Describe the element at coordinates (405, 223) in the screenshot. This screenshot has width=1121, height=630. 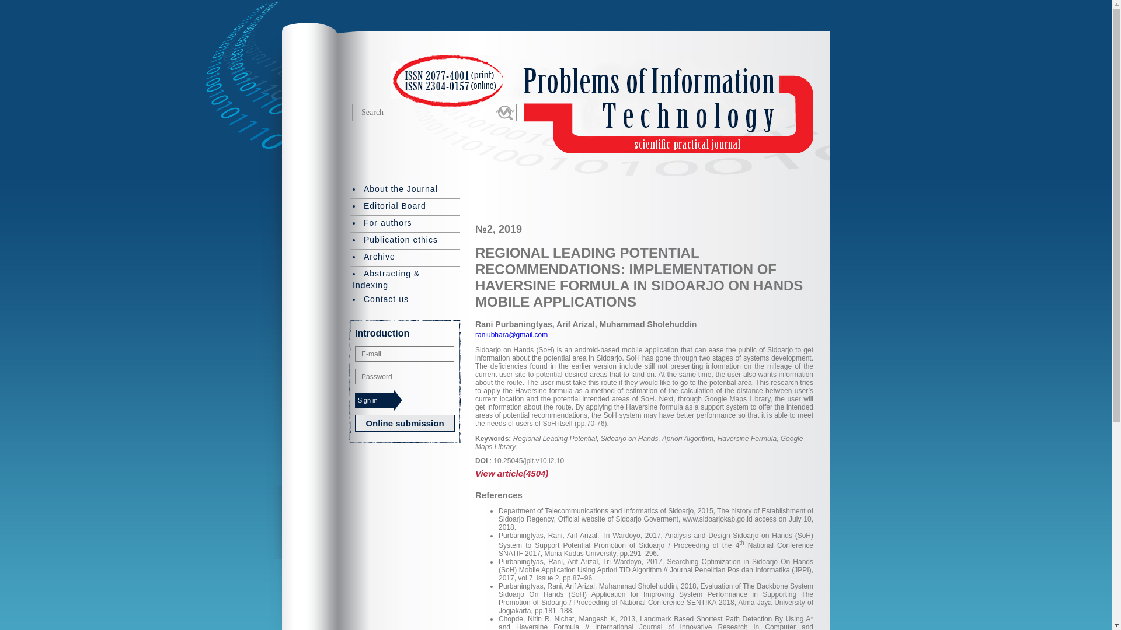
I see `'For authors'` at that location.